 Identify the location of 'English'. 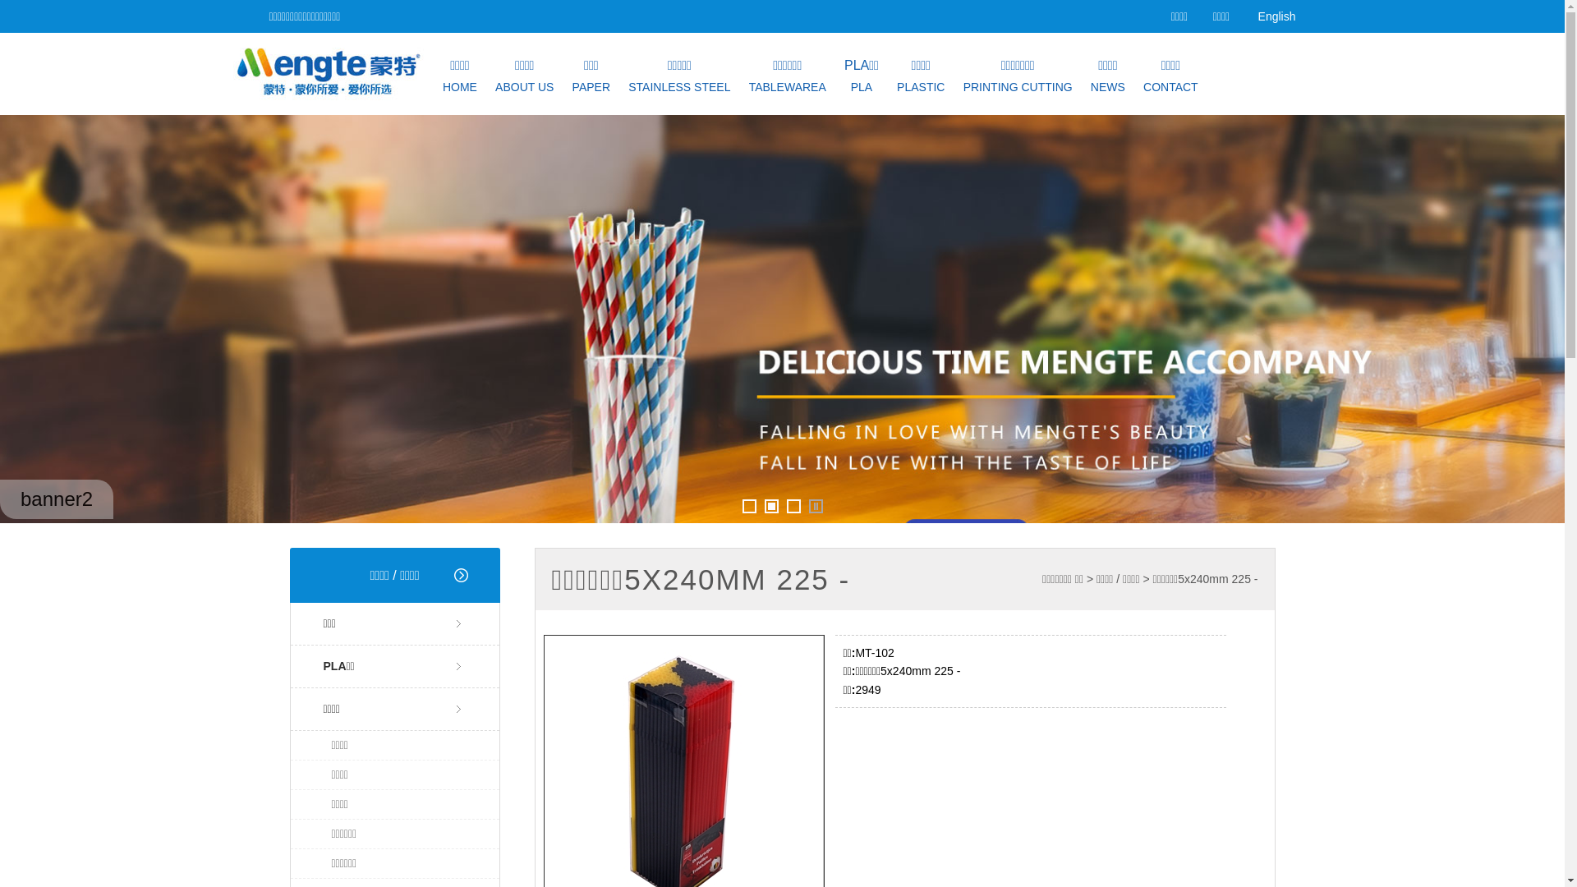
(1276, 16).